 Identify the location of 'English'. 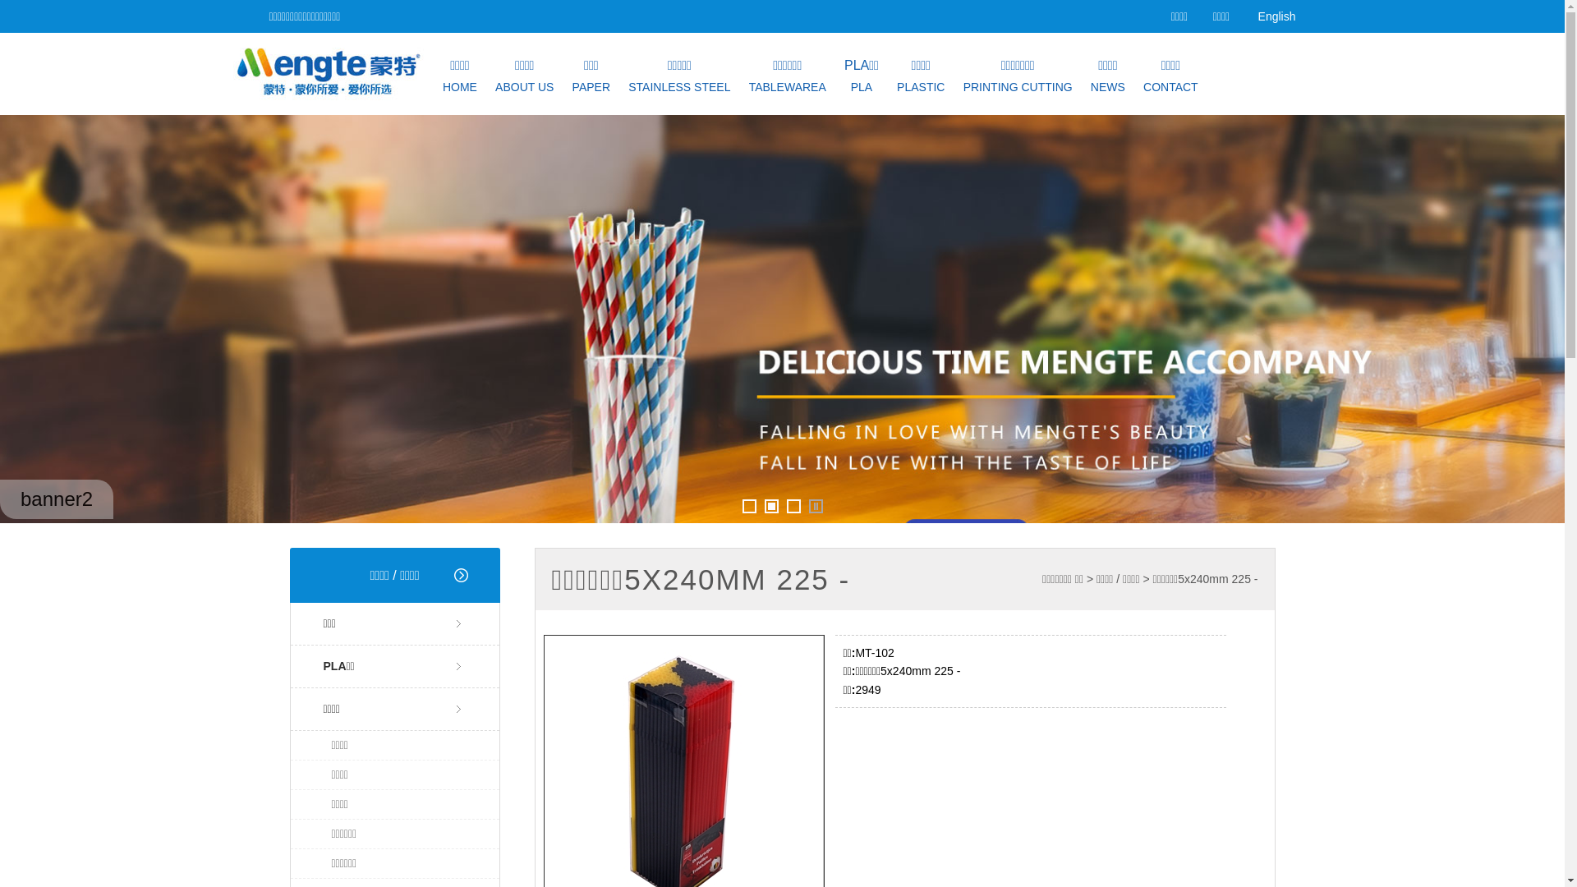
(1276, 16).